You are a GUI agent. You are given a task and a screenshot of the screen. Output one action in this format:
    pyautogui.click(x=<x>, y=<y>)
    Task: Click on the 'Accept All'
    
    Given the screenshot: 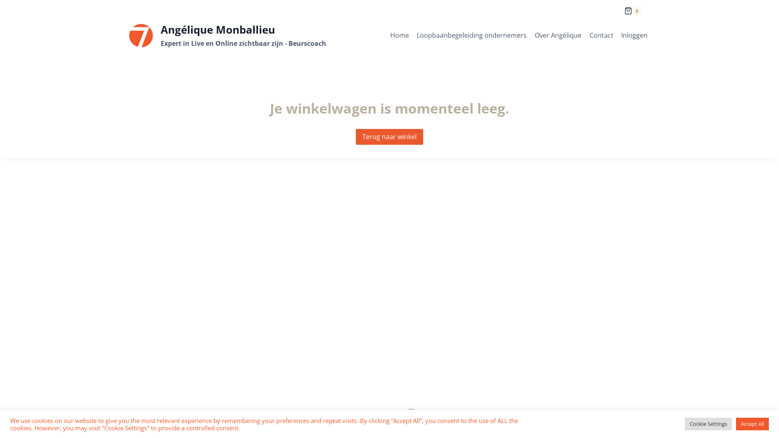 What is the action you would take?
    pyautogui.click(x=736, y=423)
    